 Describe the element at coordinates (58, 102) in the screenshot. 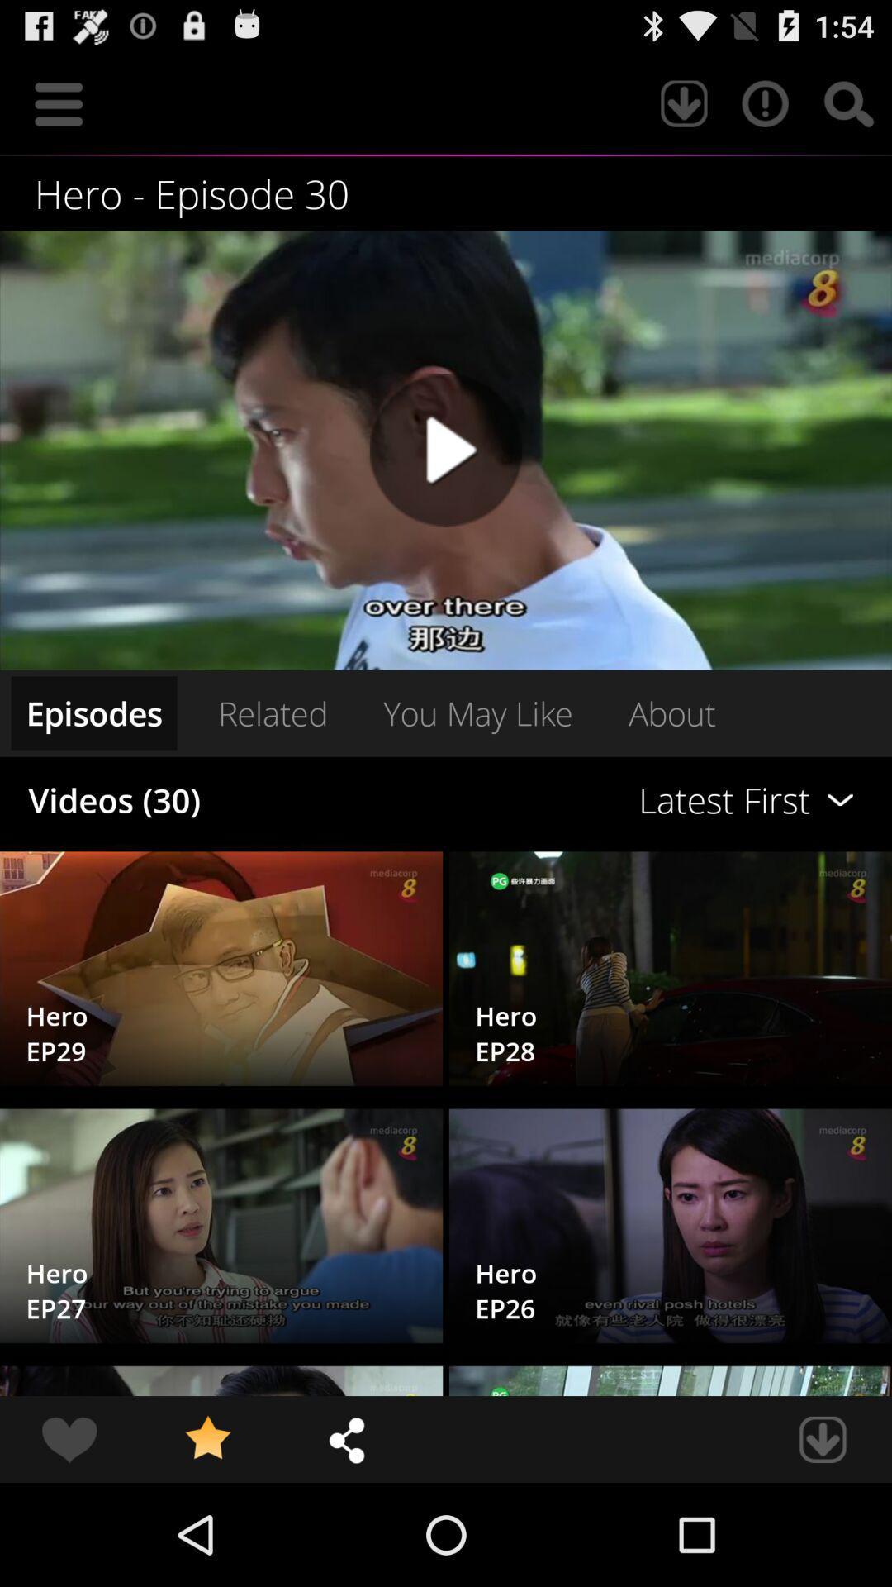

I see `icon above the hero - episode 30 icon` at that location.